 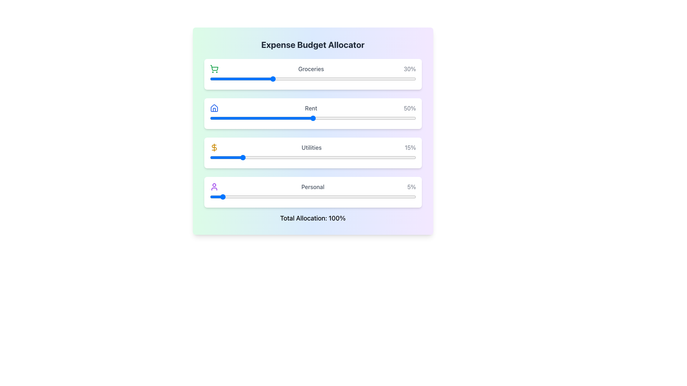 What do you see at coordinates (358, 79) in the screenshot?
I see `the allocation percentage for Groceries` at bounding box center [358, 79].